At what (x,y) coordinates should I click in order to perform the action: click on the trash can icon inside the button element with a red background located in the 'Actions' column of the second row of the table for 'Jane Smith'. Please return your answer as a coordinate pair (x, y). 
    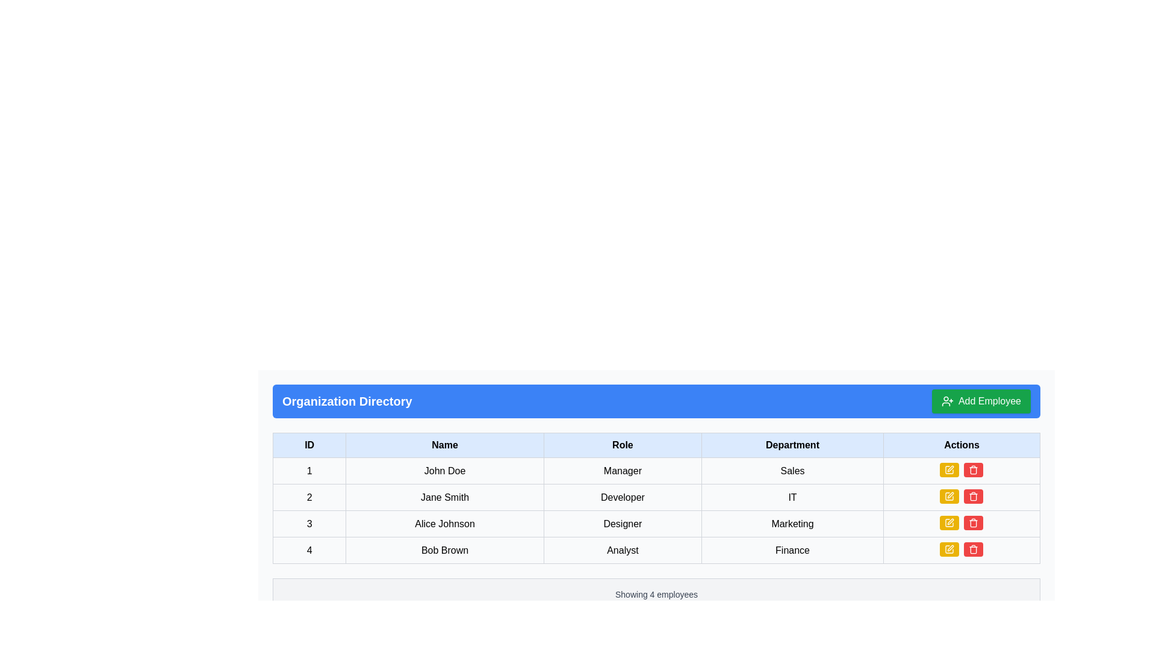
    Looking at the image, I should click on (974, 497).